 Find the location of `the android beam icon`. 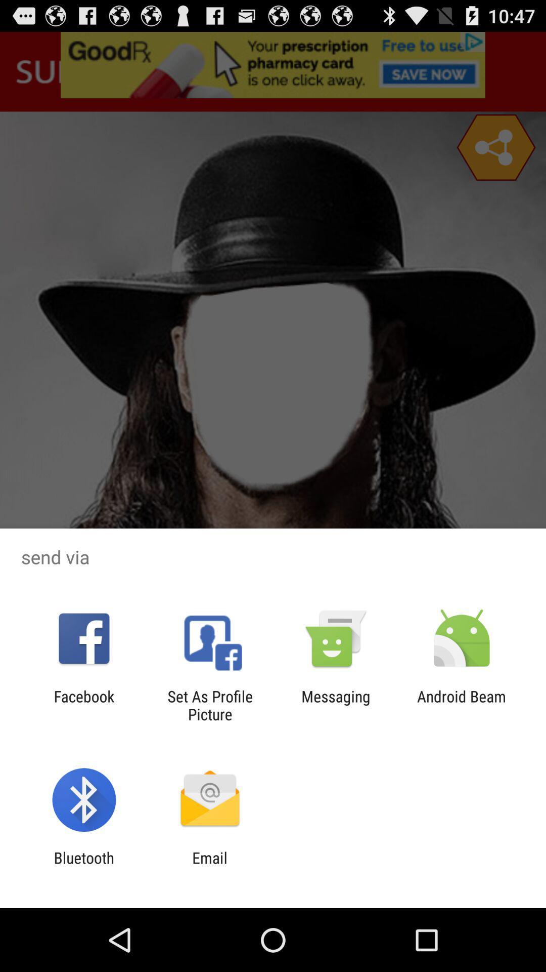

the android beam icon is located at coordinates (462, 705).